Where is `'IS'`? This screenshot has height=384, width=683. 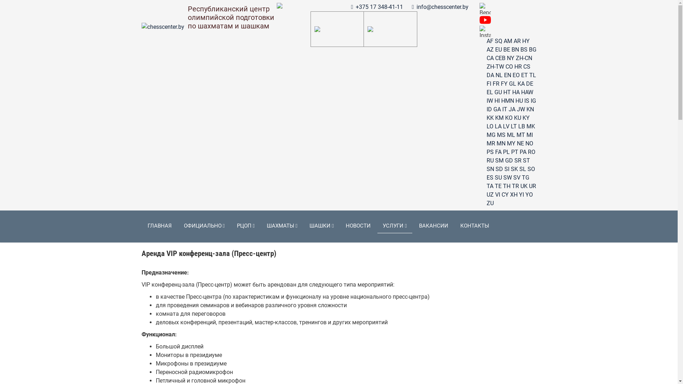
'IS' is located at coordinates (524, 101).